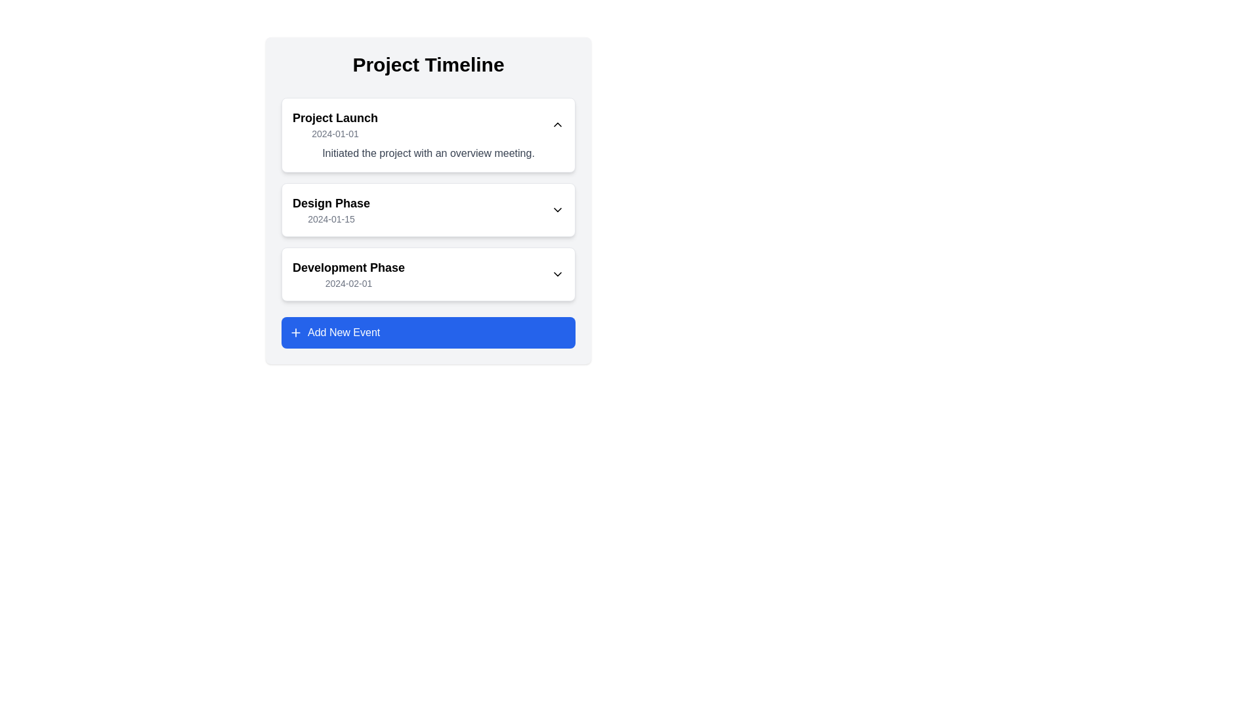  I want to click on the 'Design Phase' text display element, which is the second card in the vertical list under 'Project Timeline', so click(331, 209).